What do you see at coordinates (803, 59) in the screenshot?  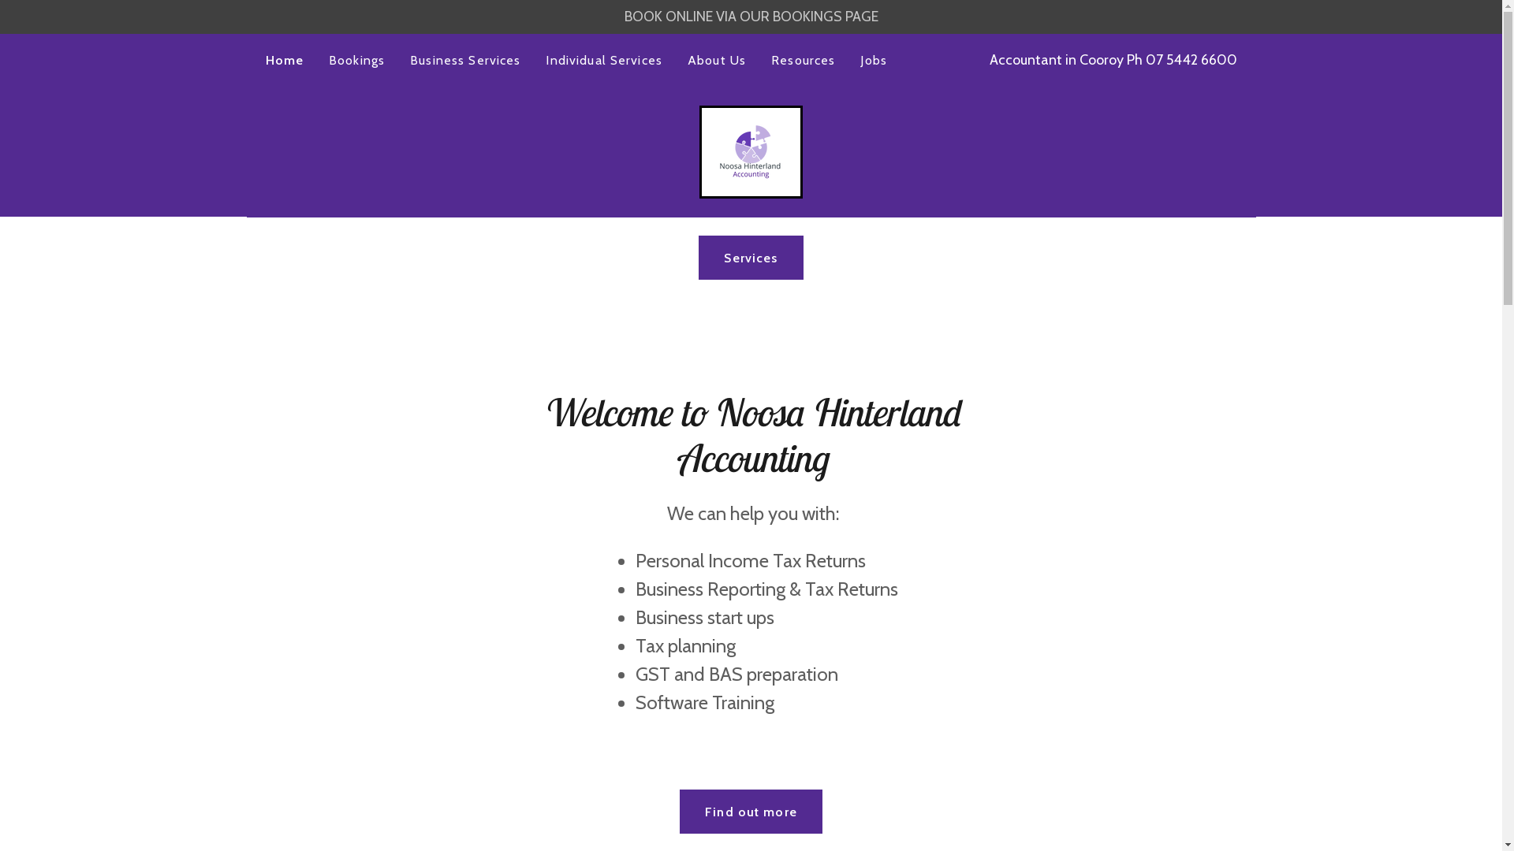 I see `'Resources'` at bounding box center [803, 59].